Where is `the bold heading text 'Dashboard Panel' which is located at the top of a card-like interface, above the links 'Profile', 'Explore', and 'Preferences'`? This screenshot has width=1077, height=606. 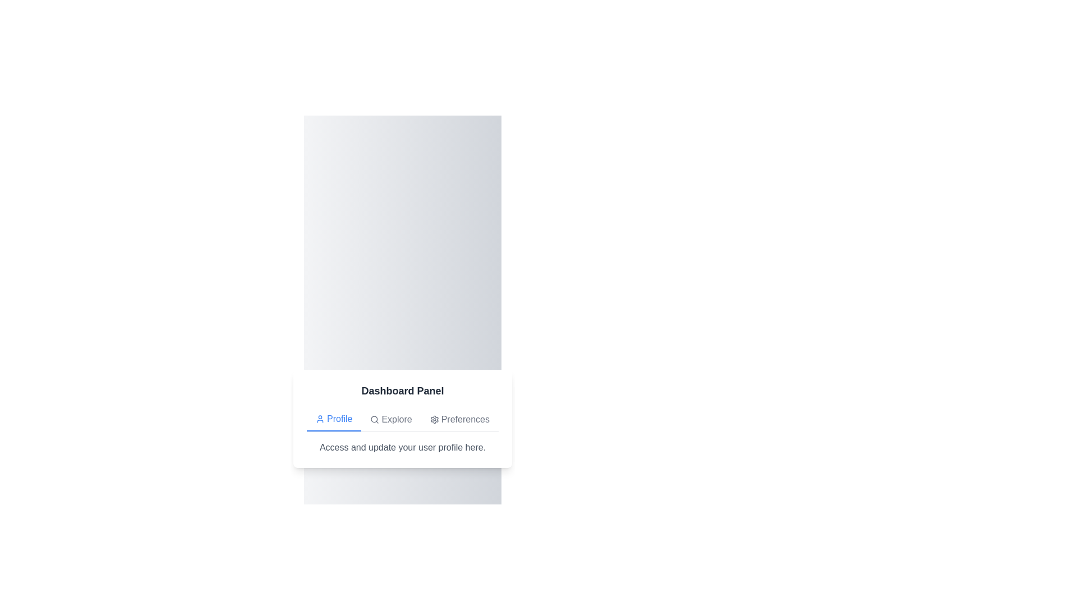
the bold heading text 'Dashboard Panel' which is located at the top of a card-like interface, above the links 'Profile', 'Explore', and 'Preferences' is located at coordinates (403, 390).